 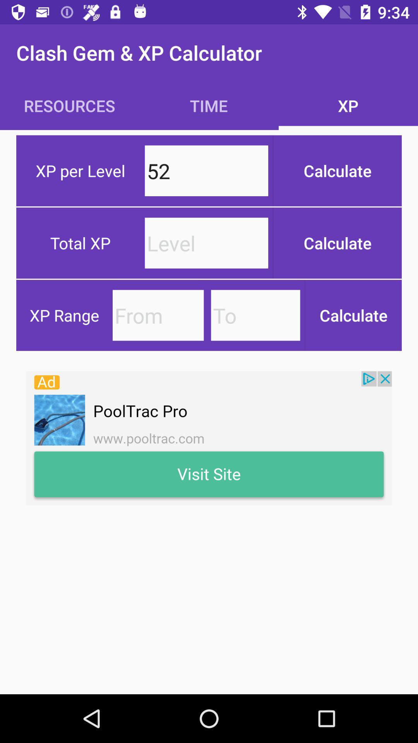 I want to click on xp range from text box, so click(x=158, y=315).